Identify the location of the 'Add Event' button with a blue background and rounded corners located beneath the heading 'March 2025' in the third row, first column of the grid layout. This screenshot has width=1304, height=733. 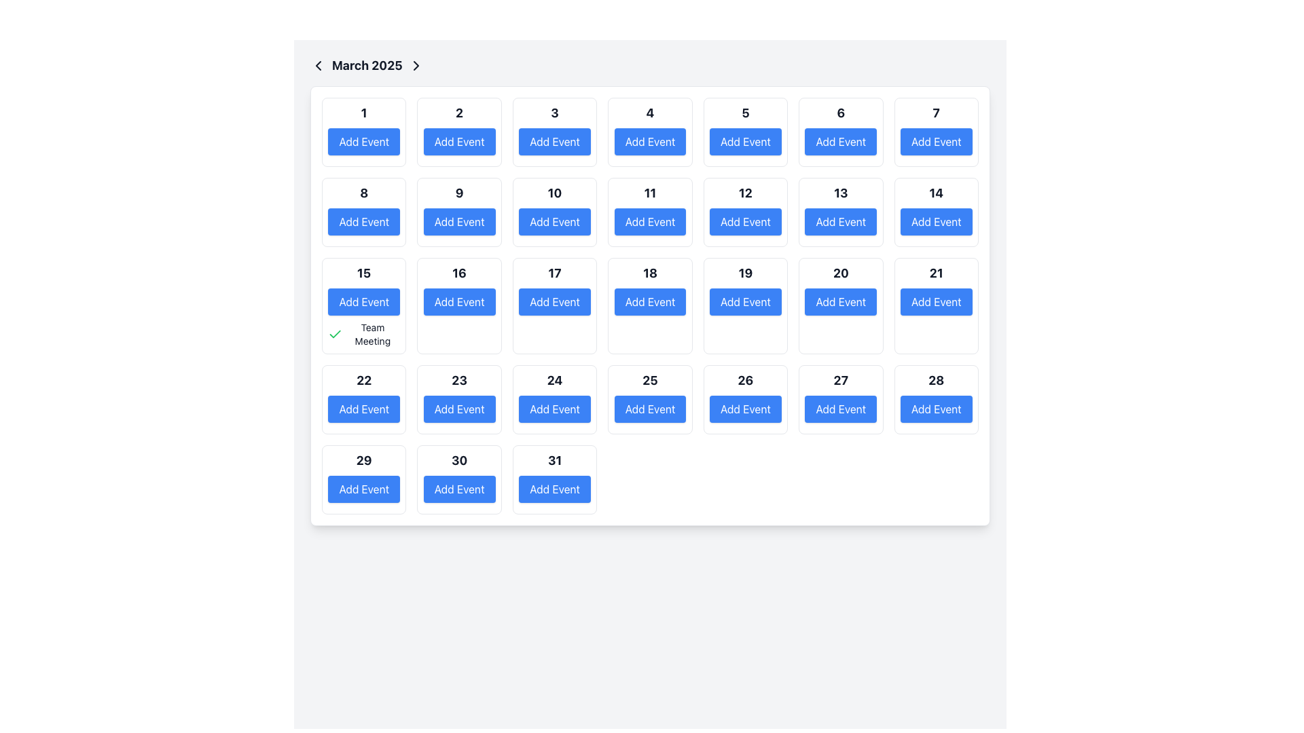
(364, 301).